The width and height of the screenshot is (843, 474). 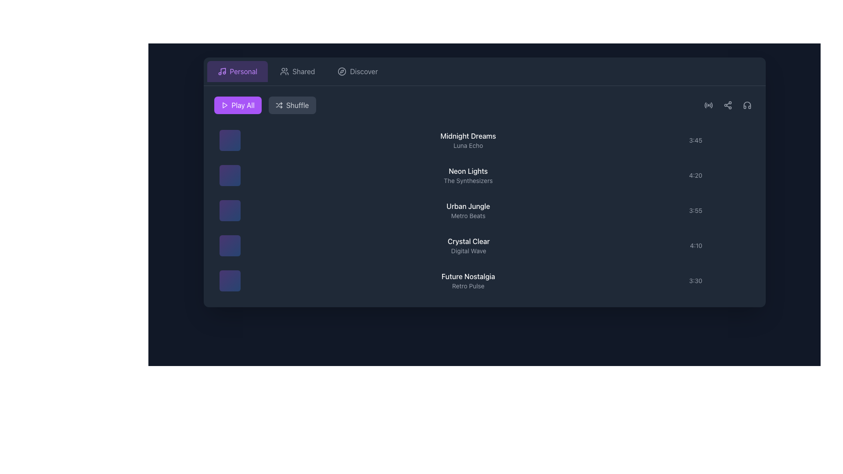 I want to click on the 'Discover' text label, which is displayed in light gray font and positioned in the horizontal navigation at the top of the interface, so click(x=364, y=71).